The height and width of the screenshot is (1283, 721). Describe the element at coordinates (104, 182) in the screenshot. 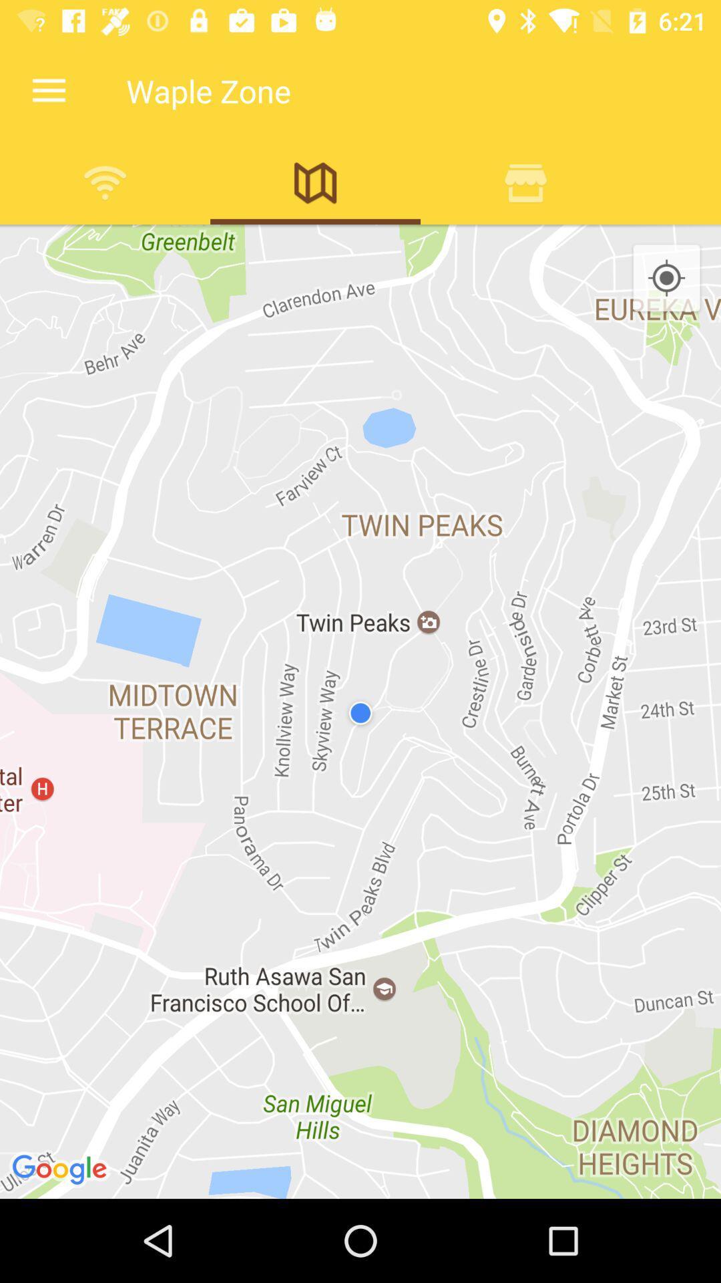

I see `hotspots` at that location.